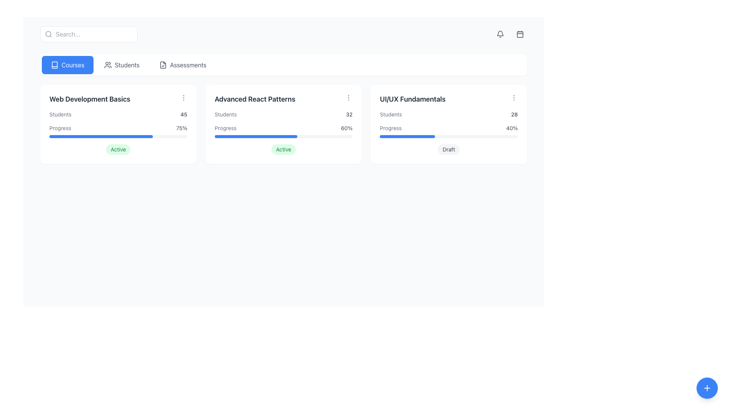  What do you see at coordinates (283, 131) in the screenshot?
I see `the progress bar located in the second card, positioned below the 'Students: 32' text and above the 'Active' status indicator to visually represent the progress status of a specific course or module` at bounding box center [283, 131].